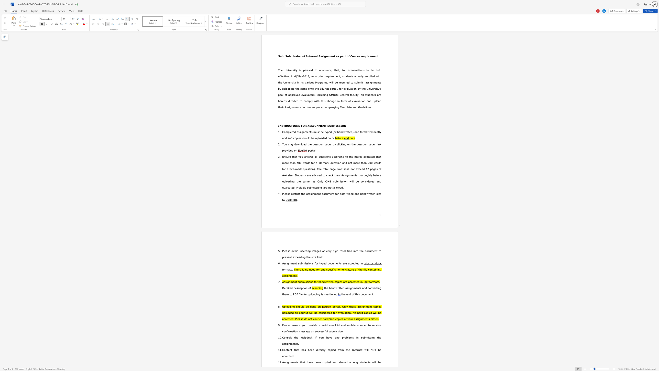  I want to click on the subset text "nn" within the text "The University is pleased to announce, that", so click(320, 70).